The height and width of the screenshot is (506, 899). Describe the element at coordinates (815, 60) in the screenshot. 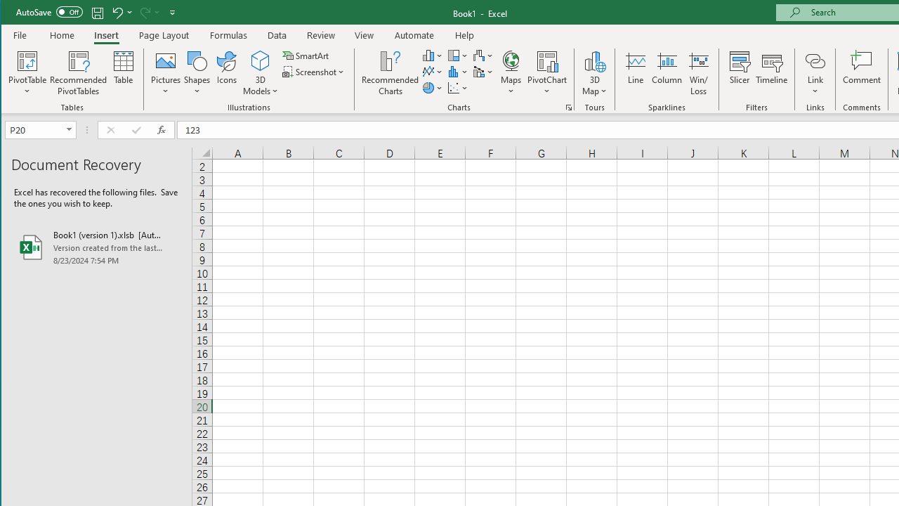

I see `'Link'` at that location.